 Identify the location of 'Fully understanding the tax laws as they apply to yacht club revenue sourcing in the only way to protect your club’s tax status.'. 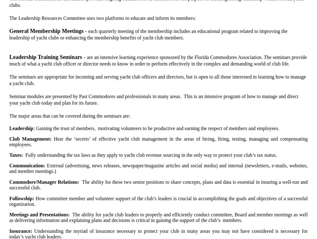
(151, 155).